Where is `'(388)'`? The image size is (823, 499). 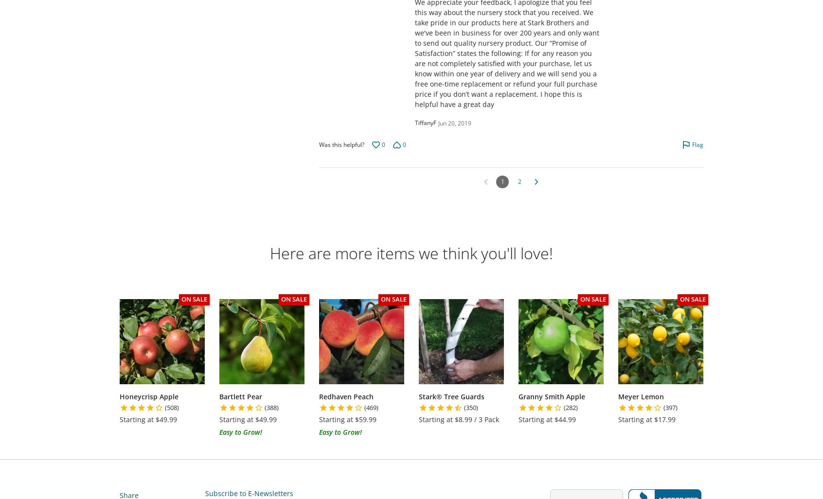
'(388)' is located at coordinates (271, 407).